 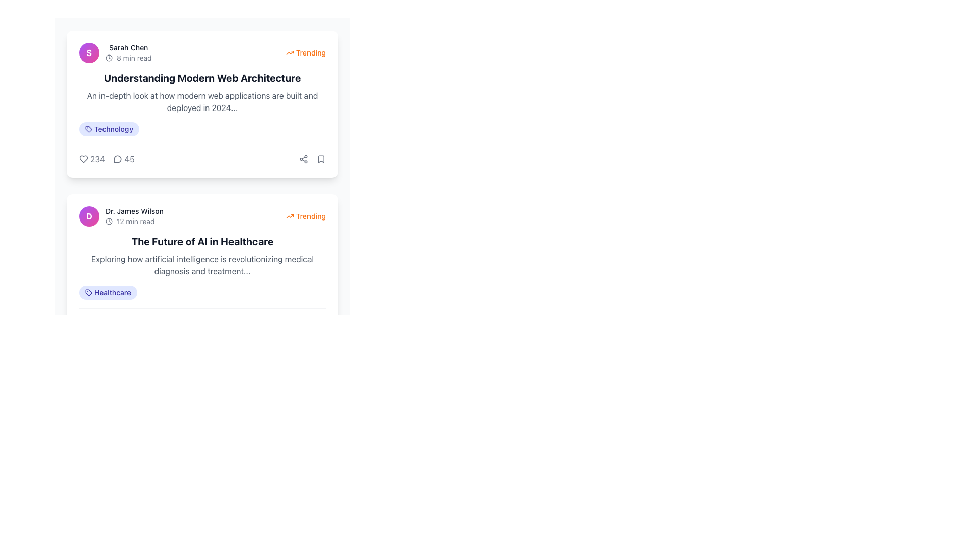 I want to click on the Profile Picture Placeholder on the left side of the horizontal group containing the name 'Sarah Chen' and the text '8 min read', so click(x=89, y=53).